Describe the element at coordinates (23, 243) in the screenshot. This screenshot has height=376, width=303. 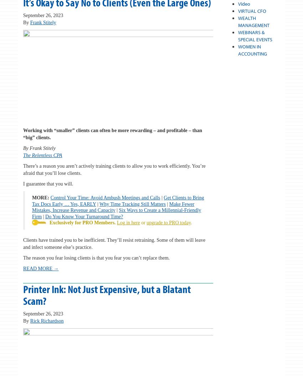
I see `'Clients have trained you to be inefficient. They’ll resist retraining. Some of them will leave and infect someone else’s practice.'` at that location.